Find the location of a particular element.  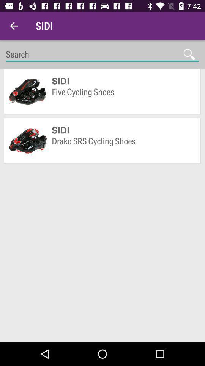

the drako srs cycling icon is located at coordinates (122, 146).